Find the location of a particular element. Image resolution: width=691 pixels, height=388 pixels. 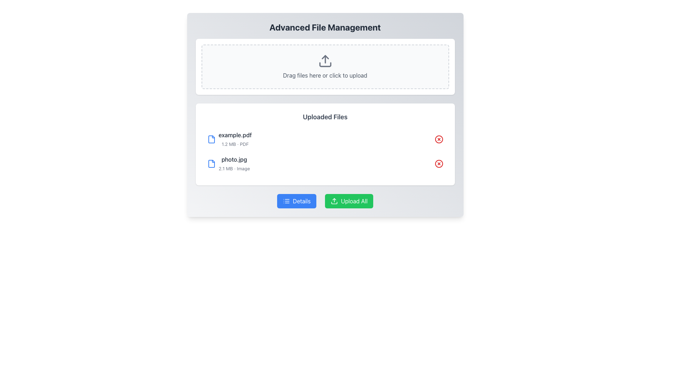

the file display item for 'example.pdf' is located at coordinates (229, 139).